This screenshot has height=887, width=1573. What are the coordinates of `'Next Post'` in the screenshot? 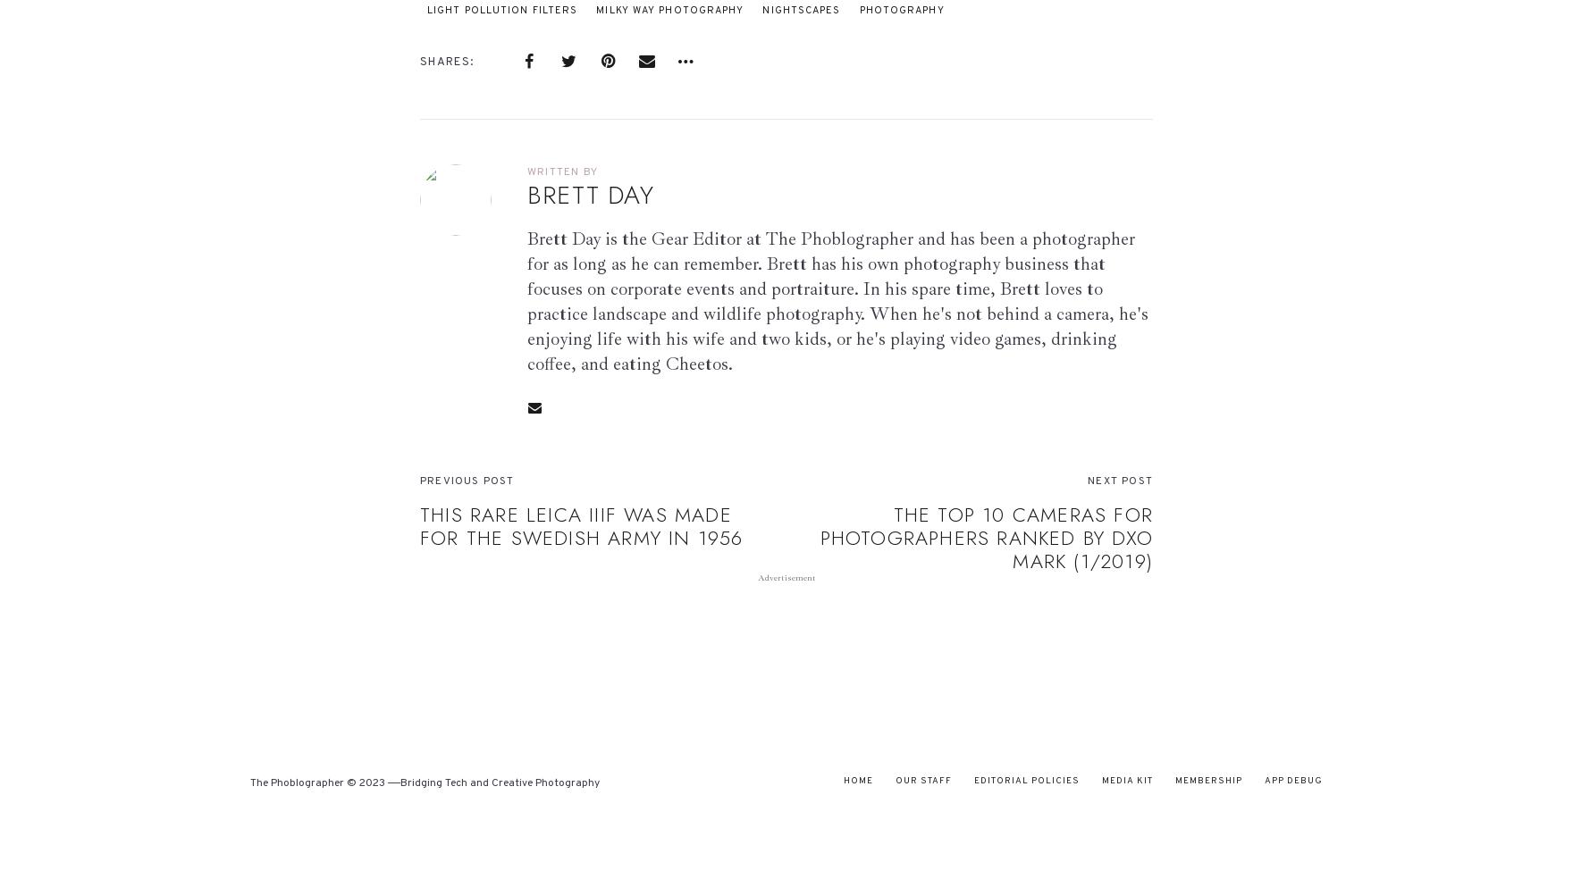 It's located at (1119, 480).